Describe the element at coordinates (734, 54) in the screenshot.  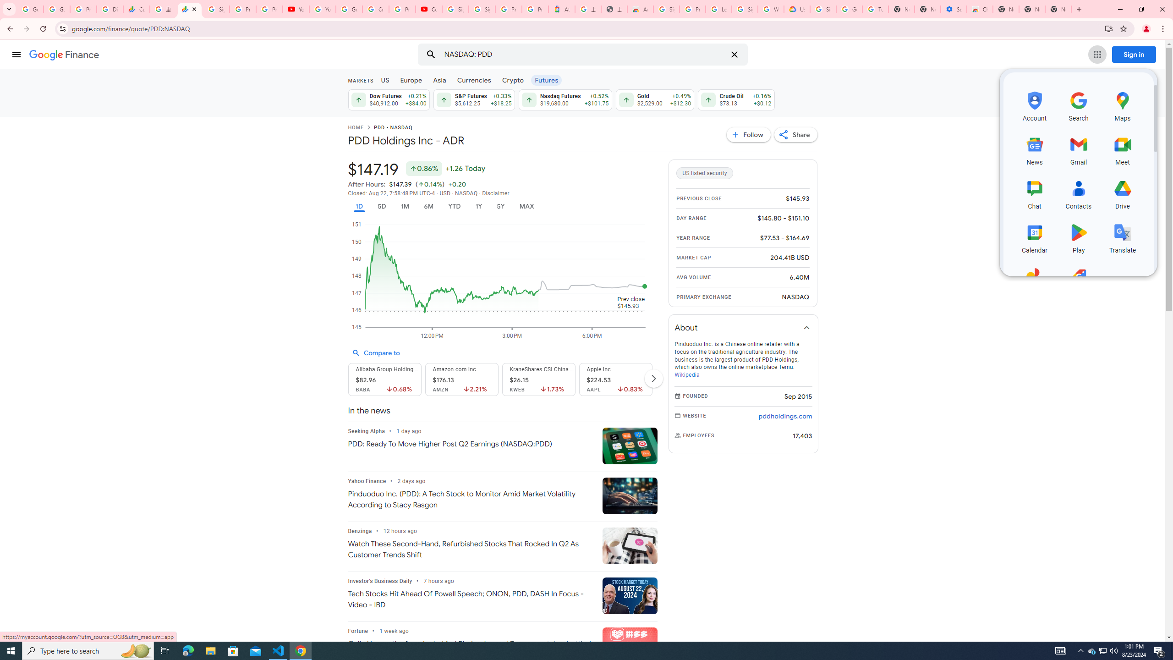
I see `'Clear search'` at that location.